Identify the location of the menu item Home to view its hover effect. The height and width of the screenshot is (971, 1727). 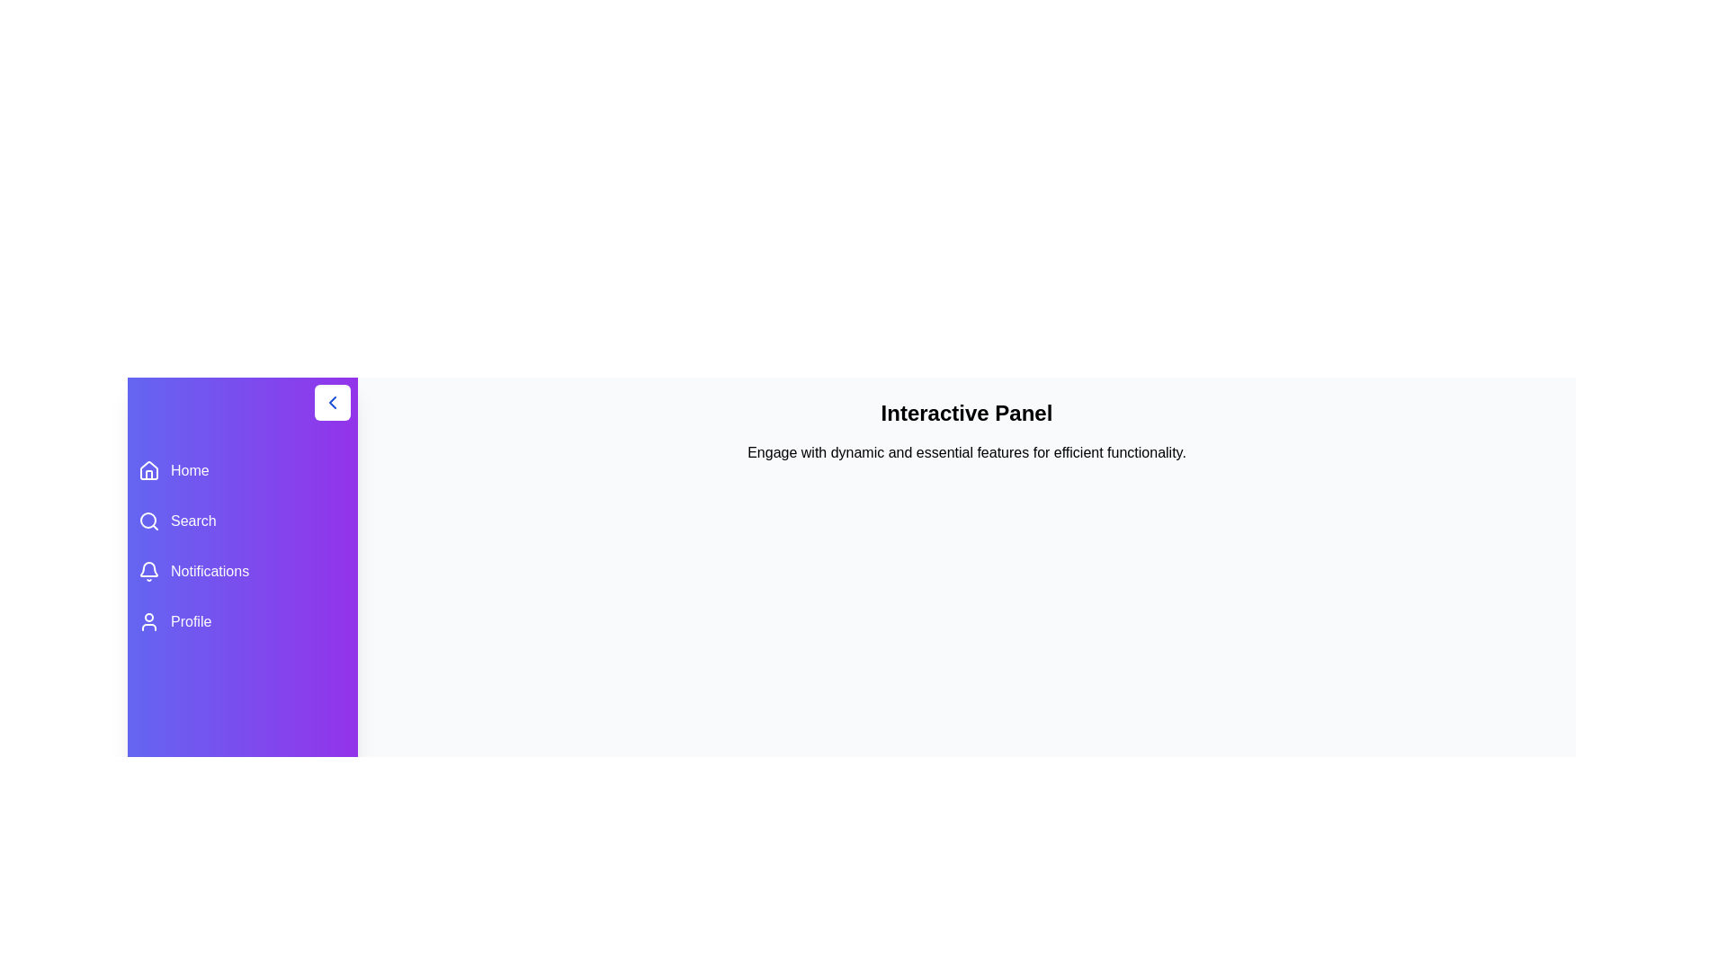
(241, 470).